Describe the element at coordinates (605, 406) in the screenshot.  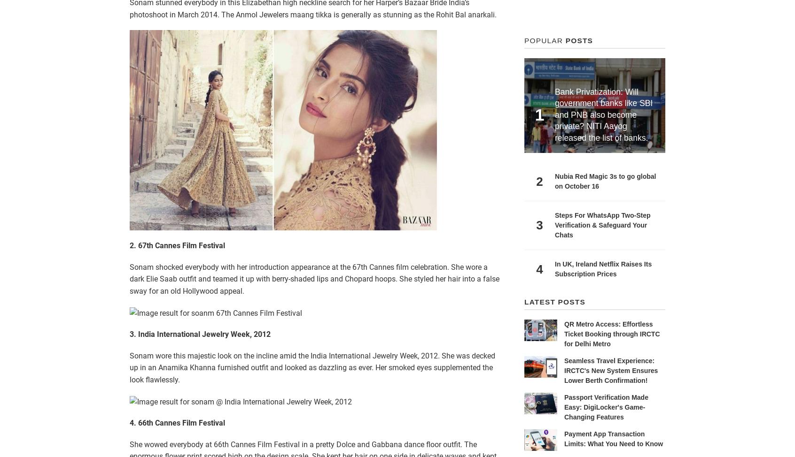
I see `'Passport Verification Made Easy: DigiLocker's Game-Changing Features'` at that location.